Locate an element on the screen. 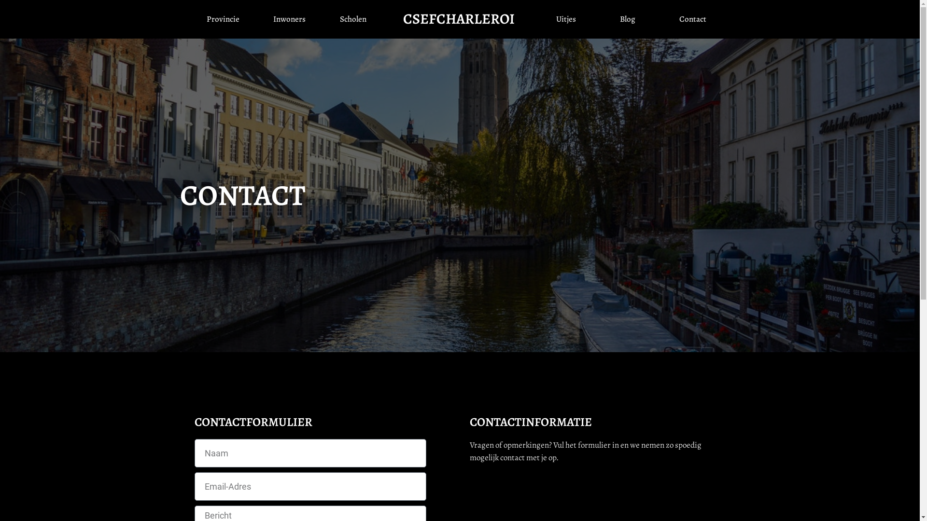  'Inwoners' is located at coordinates (289, 19).